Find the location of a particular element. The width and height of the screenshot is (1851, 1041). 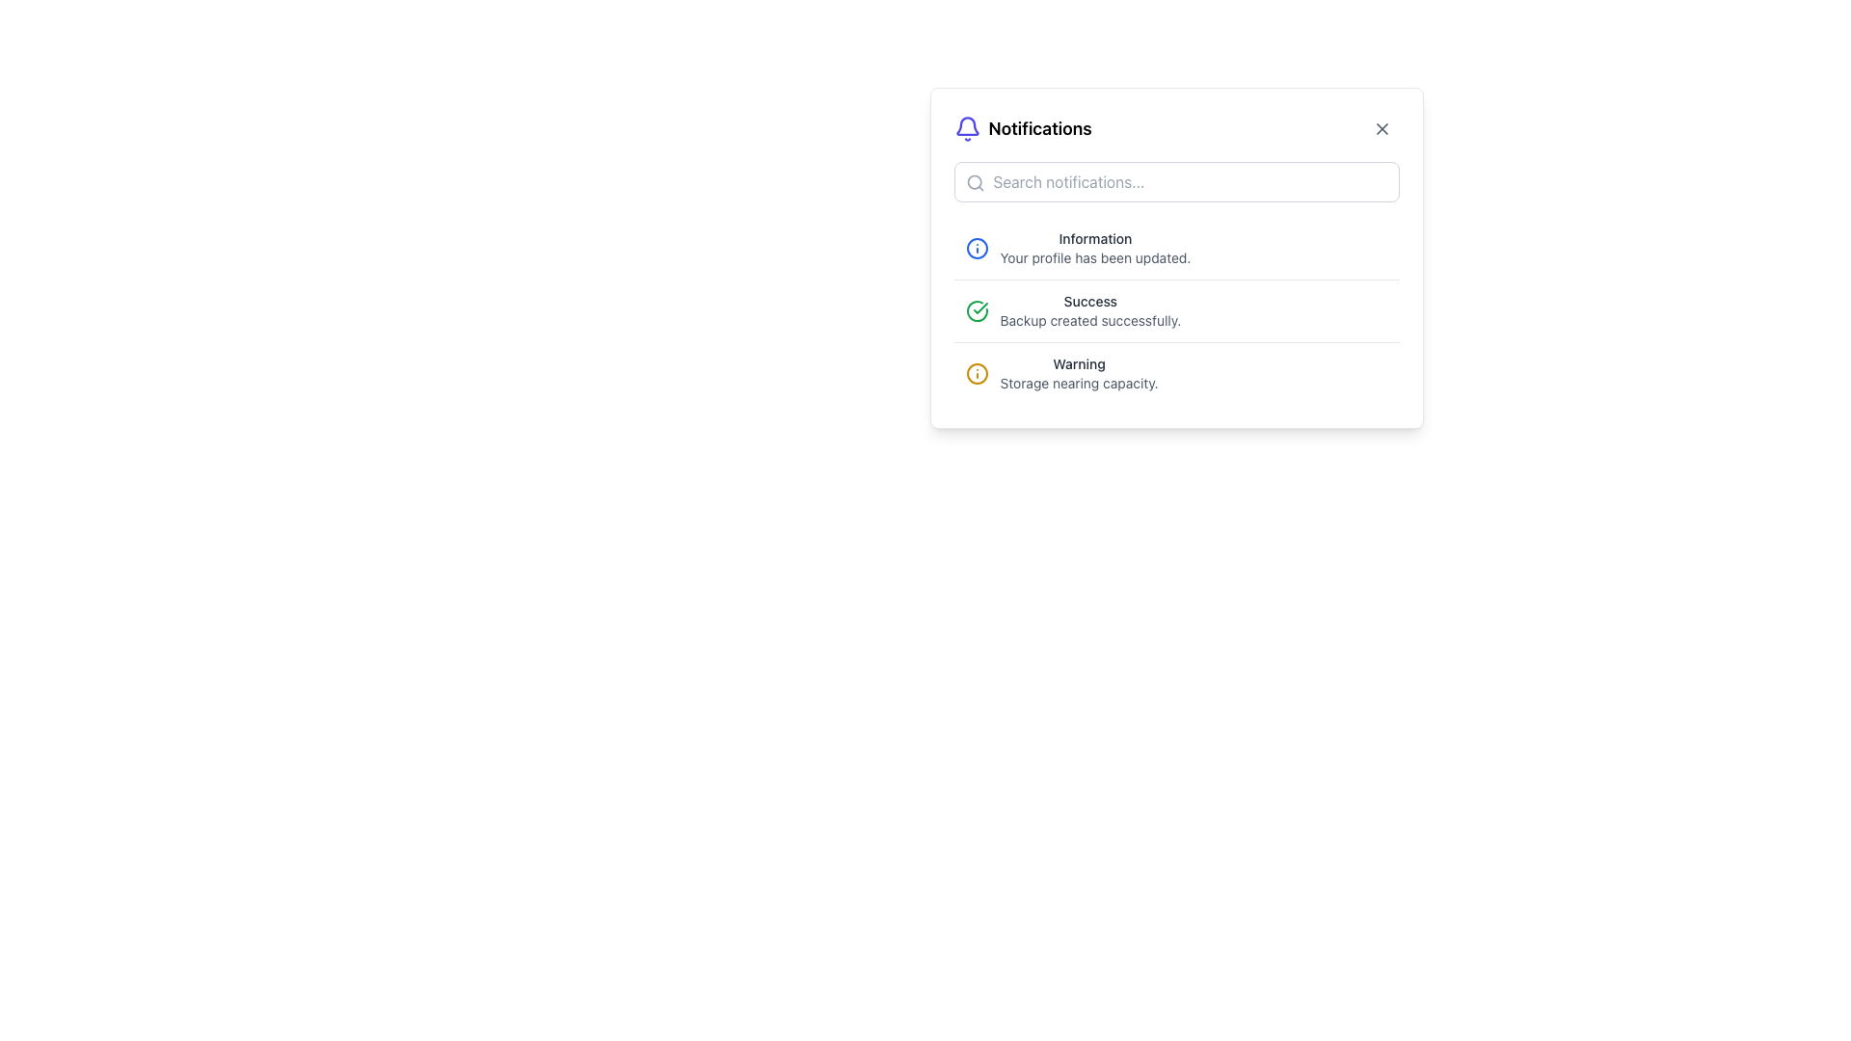

the static text label labeled 'Information', which is styled in dark gray and positioned at the top of the notification card layout is located at coordinates (1095, 237).